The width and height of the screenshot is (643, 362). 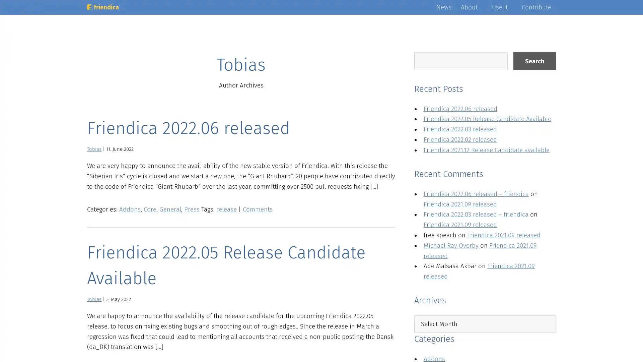 What do you see at coordinates (534, 61) in the screenshot?
I see `Search` at bounding box center [534, 61].